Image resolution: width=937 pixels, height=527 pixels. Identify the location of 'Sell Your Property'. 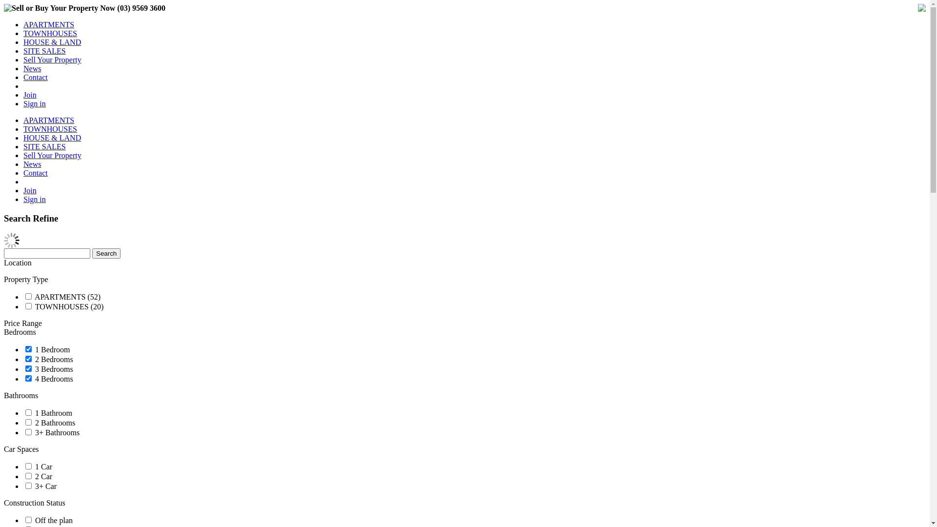
(52, 155).